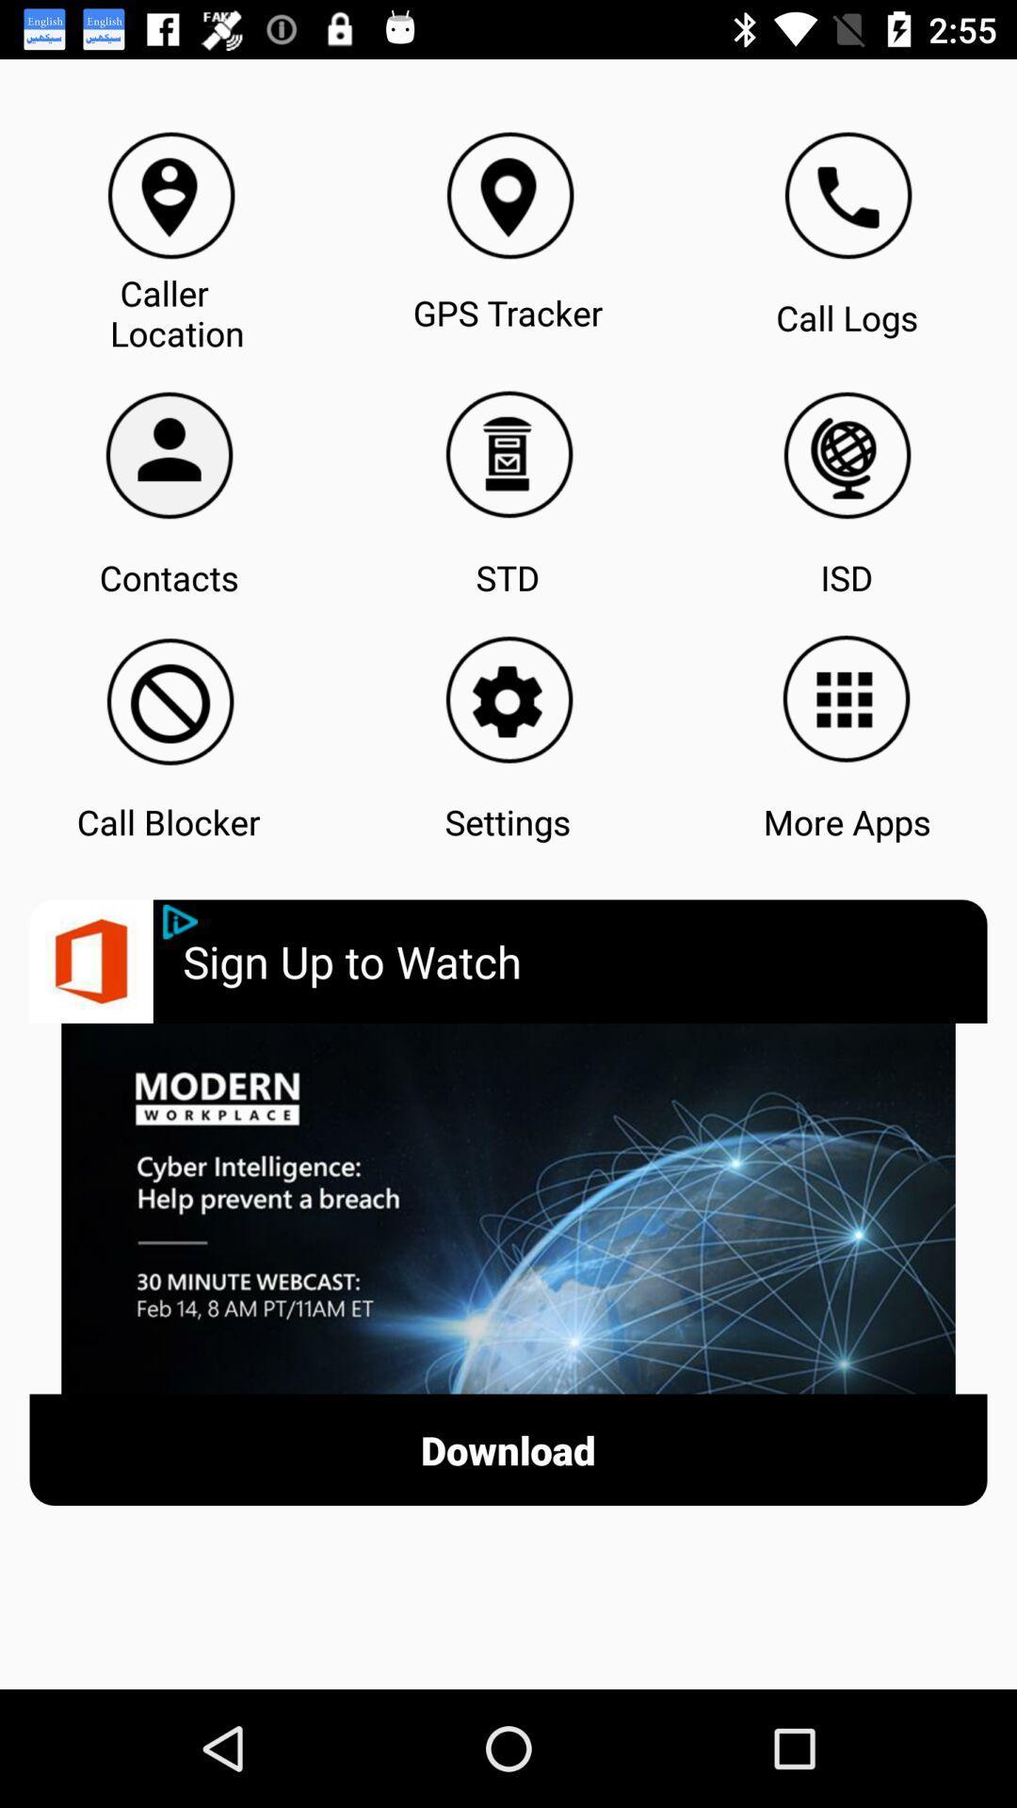 The width and height of the screenshot is (1017, 1808). Describe the element at coordinates (508, 1208) in the screenshot. I see `click on advertisement` at that location.